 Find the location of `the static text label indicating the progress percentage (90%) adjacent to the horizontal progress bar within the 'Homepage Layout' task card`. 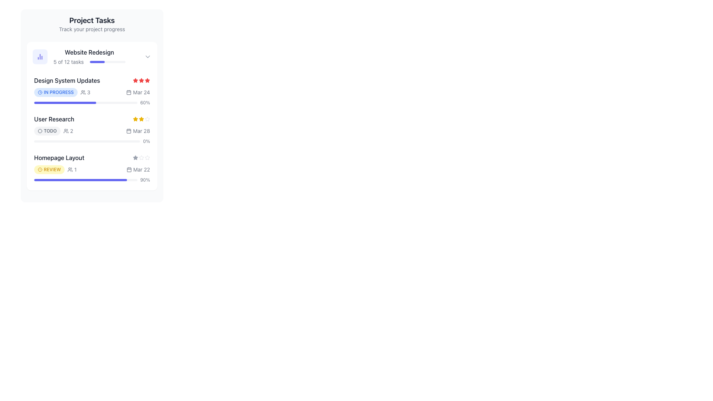

the static text label indicating the progress percentage (90%) adjacent to the horizontal progress bar within the 'Homepage Layout' task card is located at coordinates (145, 180).